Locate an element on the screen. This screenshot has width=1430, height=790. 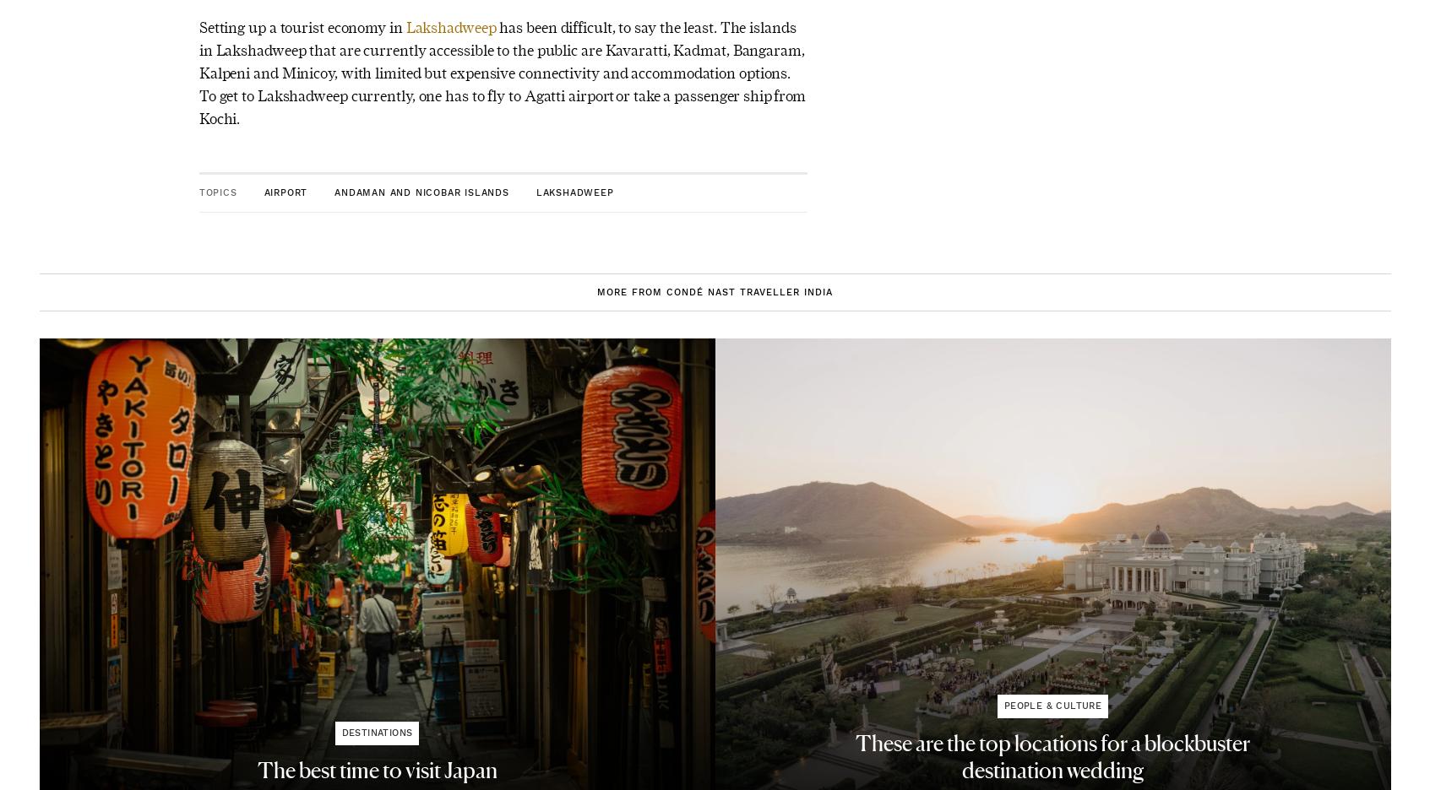
'ANDAMAN AND NICOBAR ISLANDS' is located at coordinates (421, 192).